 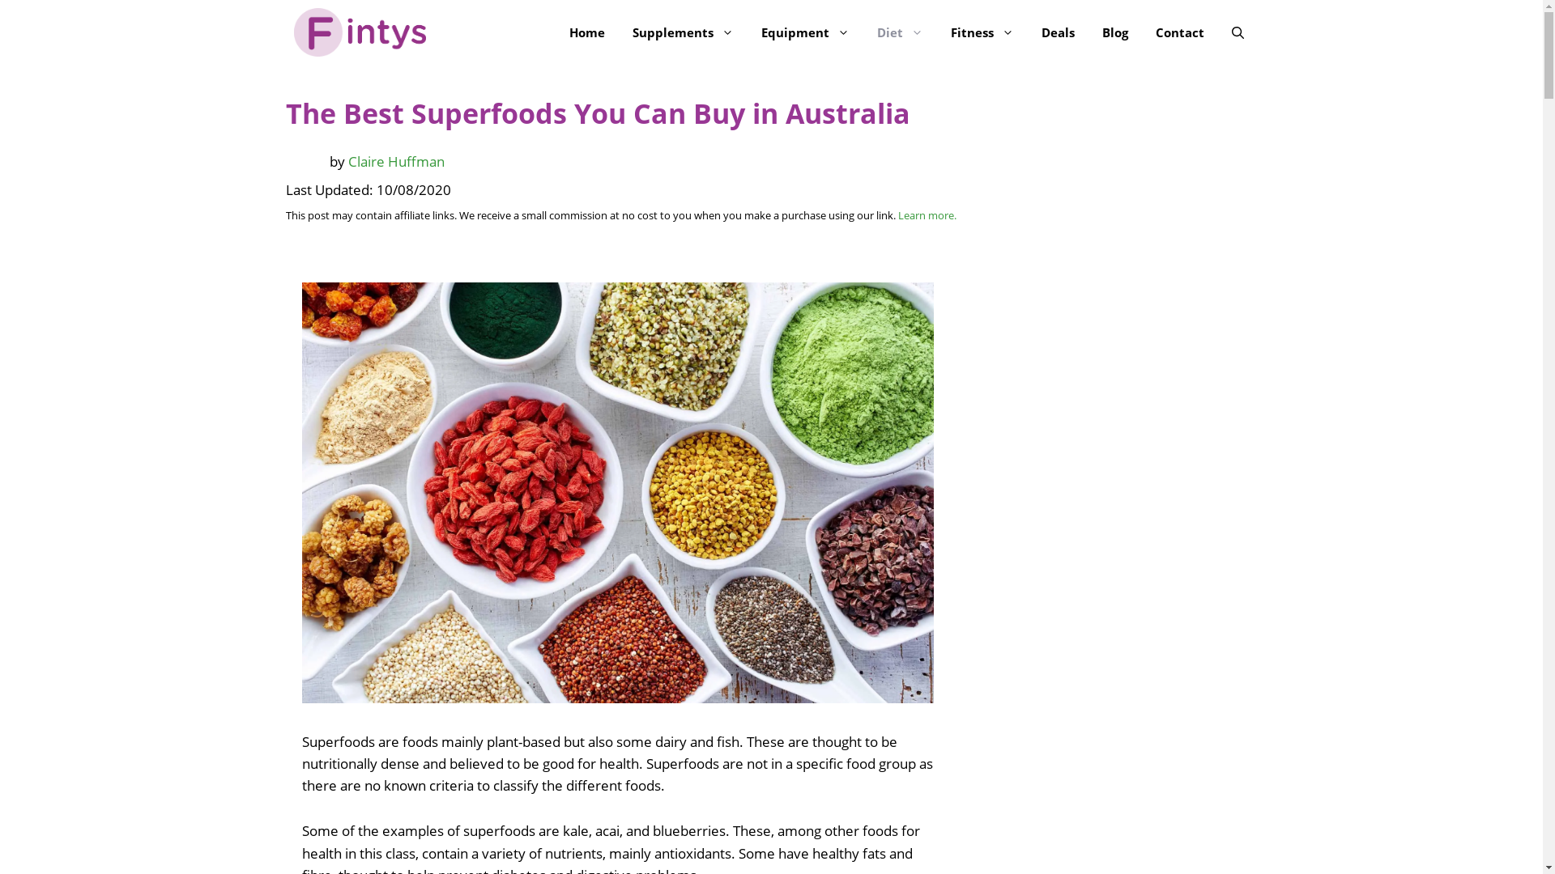 I want to click on 'Fintys', so click(x=358, y=32).